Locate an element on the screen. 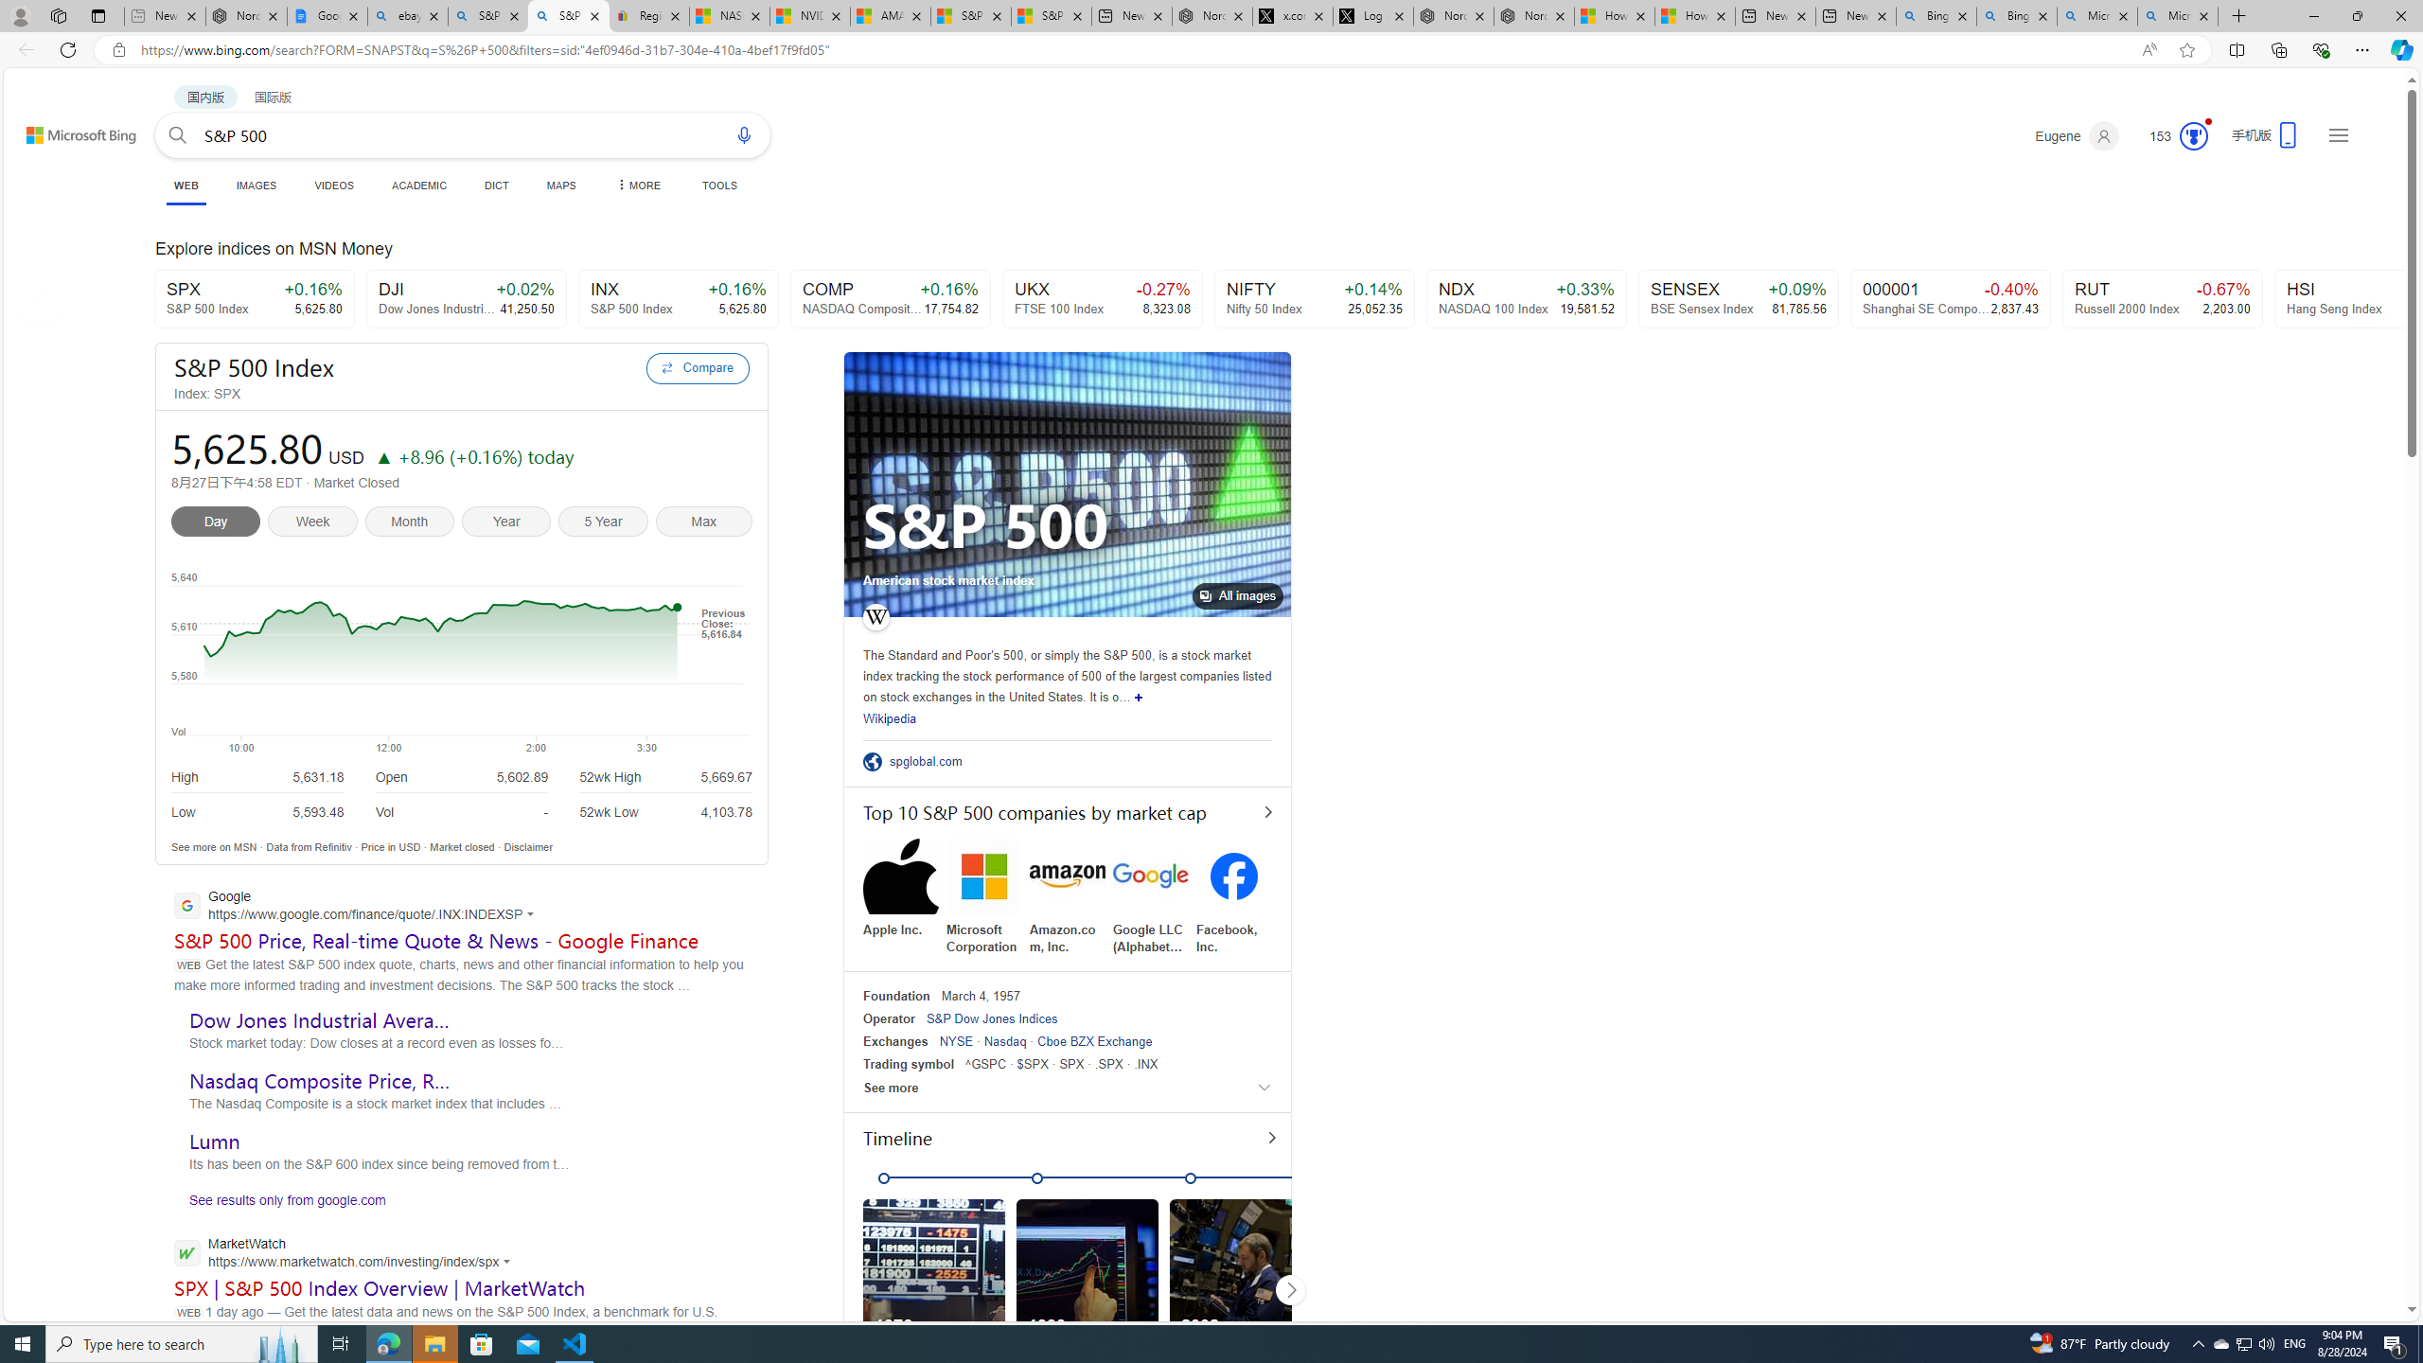 This screenshot has height=1363, width=2423. 'Top 10 S&P 500 companies by market cap' is located at coordinates (1066, 811).